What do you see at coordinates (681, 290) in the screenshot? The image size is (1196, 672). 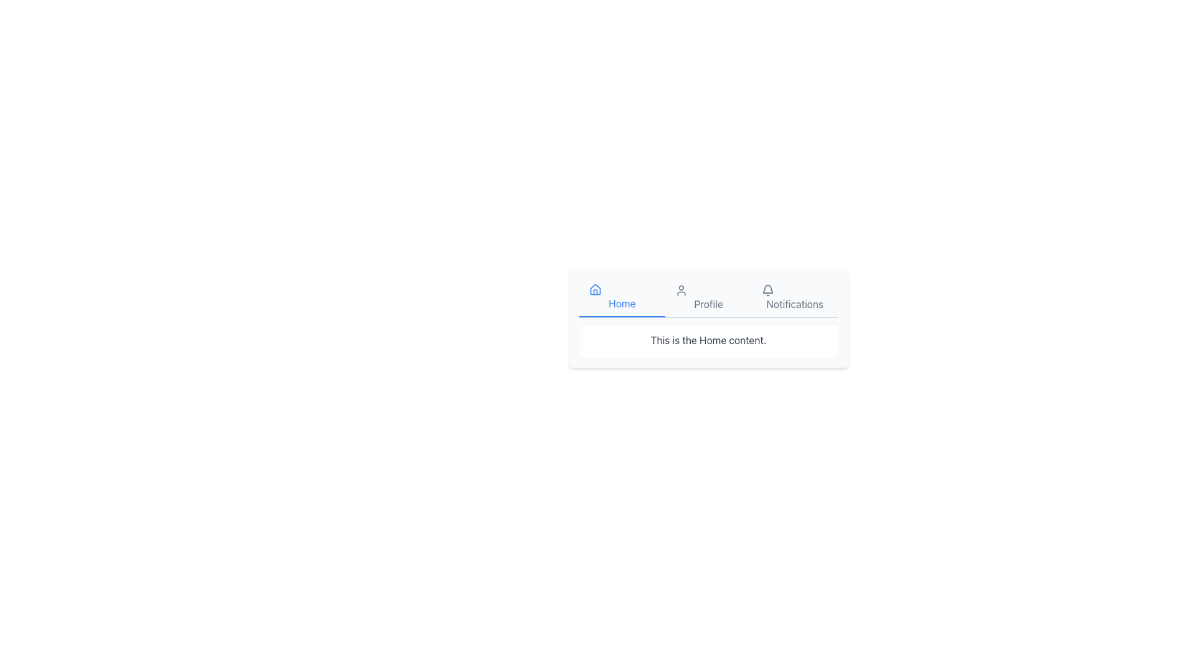 I see `the user silhouette icon in the tabbed navigation bar` at bounding box center [681, 290].